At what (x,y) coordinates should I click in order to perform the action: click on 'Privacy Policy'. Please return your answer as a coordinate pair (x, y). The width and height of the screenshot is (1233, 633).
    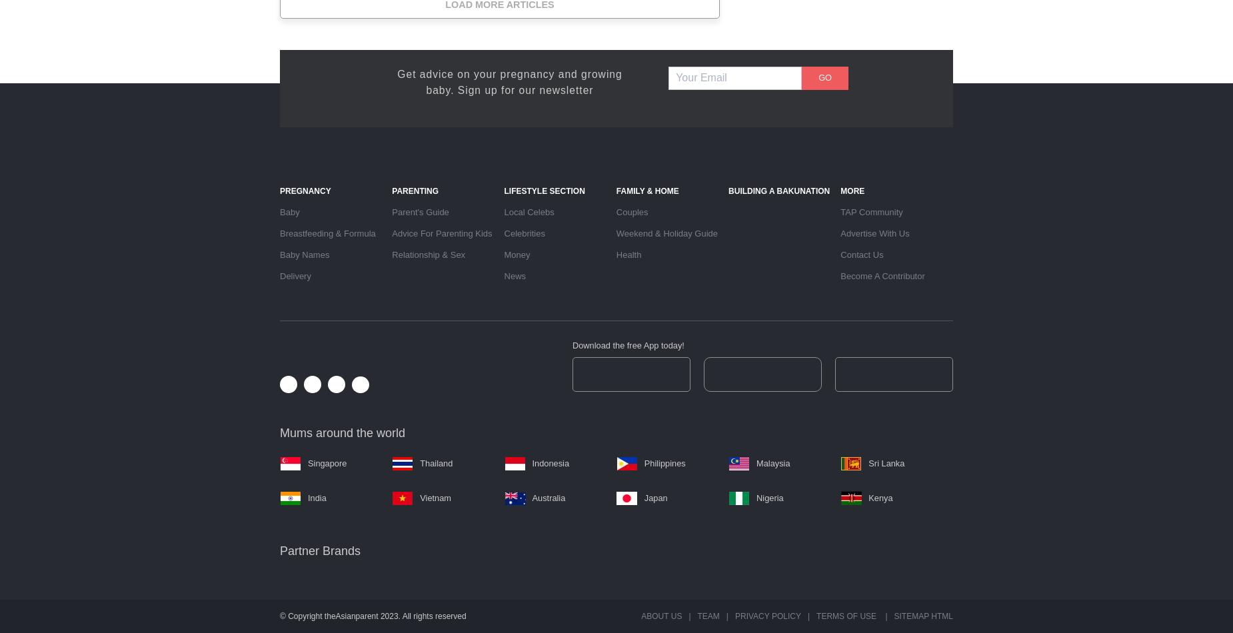
    Looking at the image, I should click on (766, 616).